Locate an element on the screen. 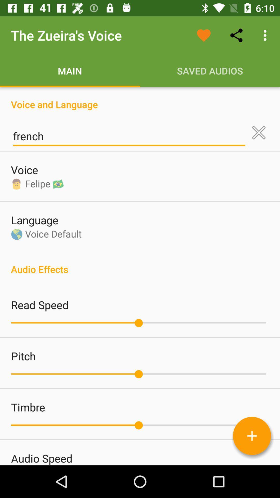  clear language setting is located at coordinates (259, 133).